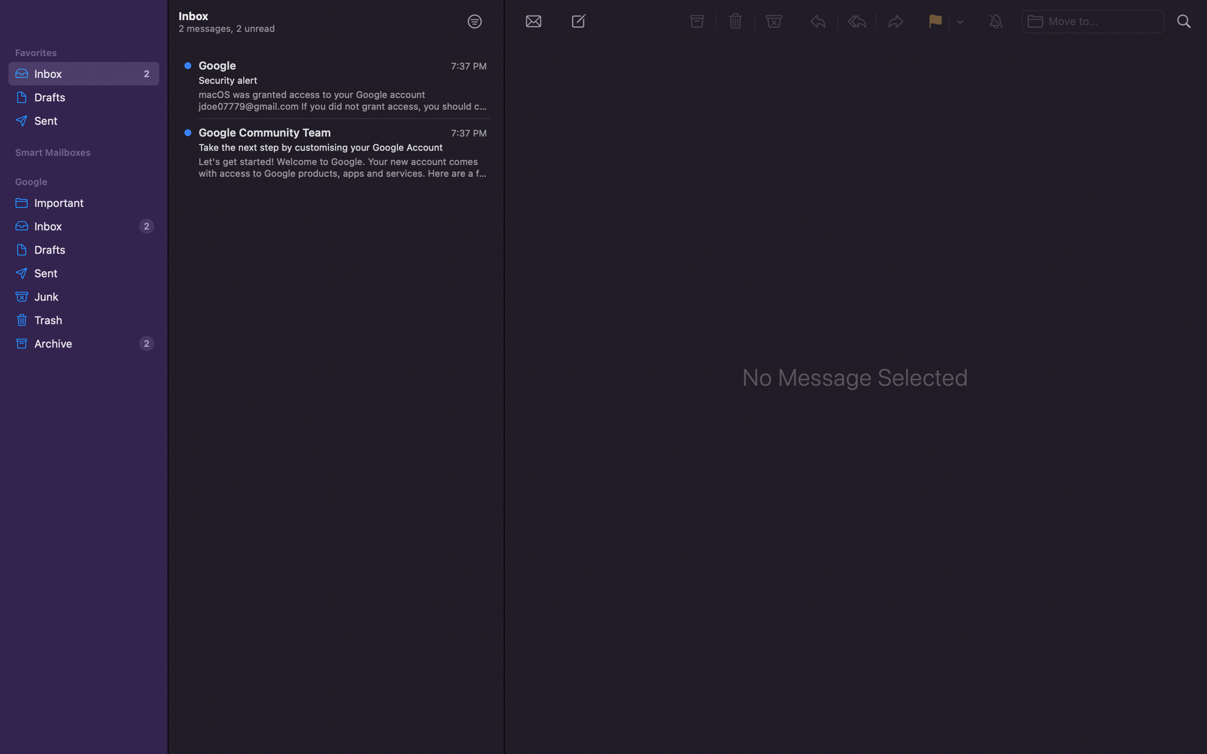  Describe the element at coordinates (85, 122) in the screenshot. I see `the option to view the dispatched emails` at that location.